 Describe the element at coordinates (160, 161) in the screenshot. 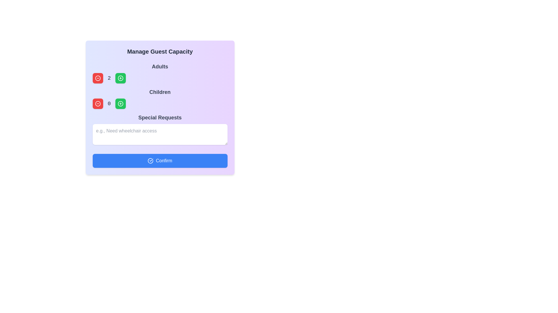

I see `the confirm button located at the bottom of the 'Manage Guest Capacity' panel to confirm the user's input for guest capacity preferences` at that location.